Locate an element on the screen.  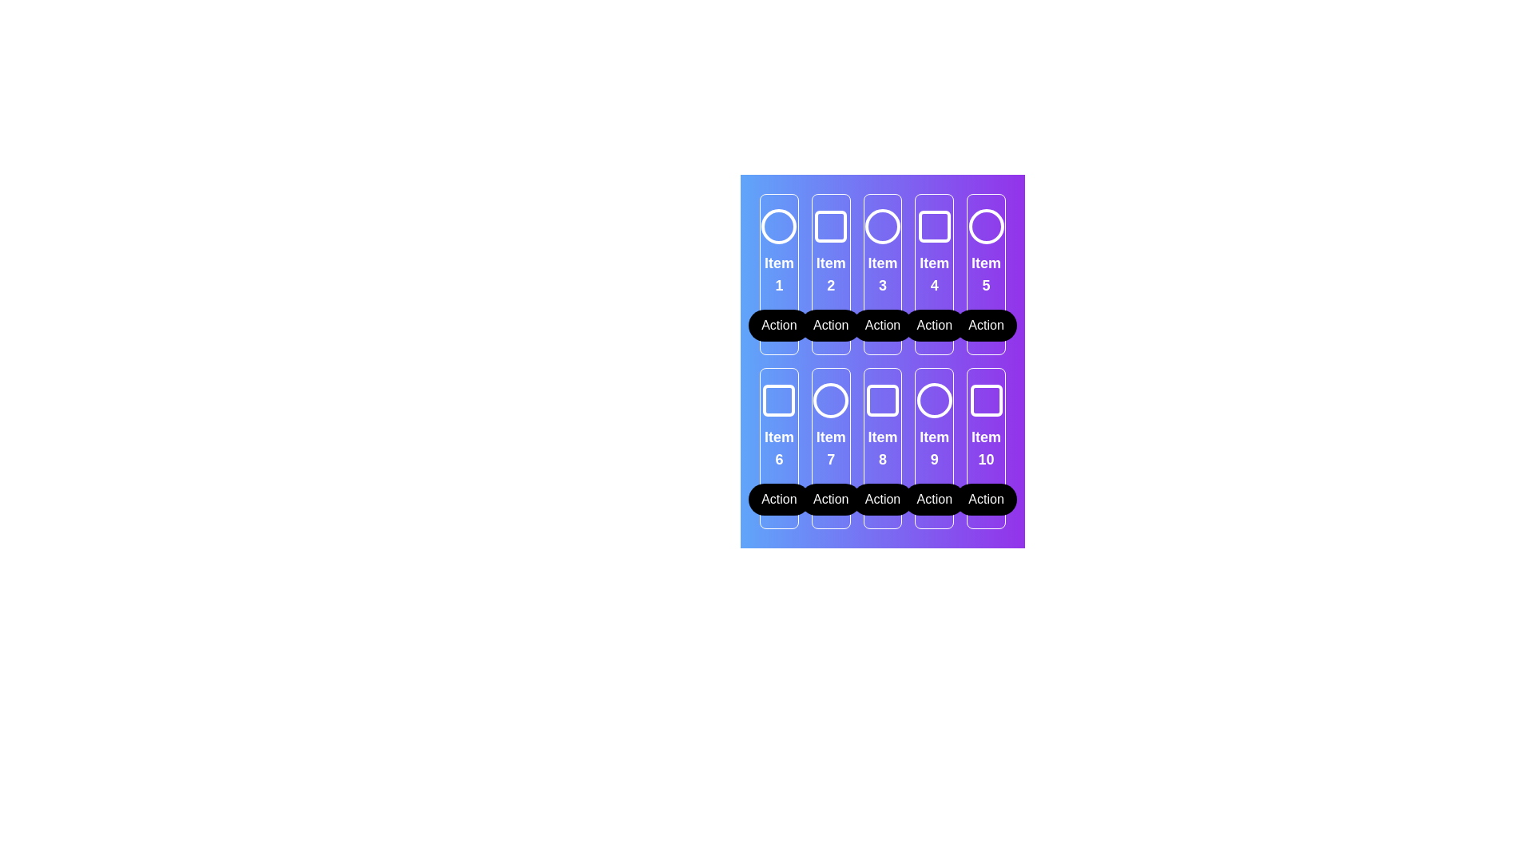
the fifth button in the upper section of the grid interface to observe its styling effects, which is associated with 'Item 5' is located at coordinates (985, 325).